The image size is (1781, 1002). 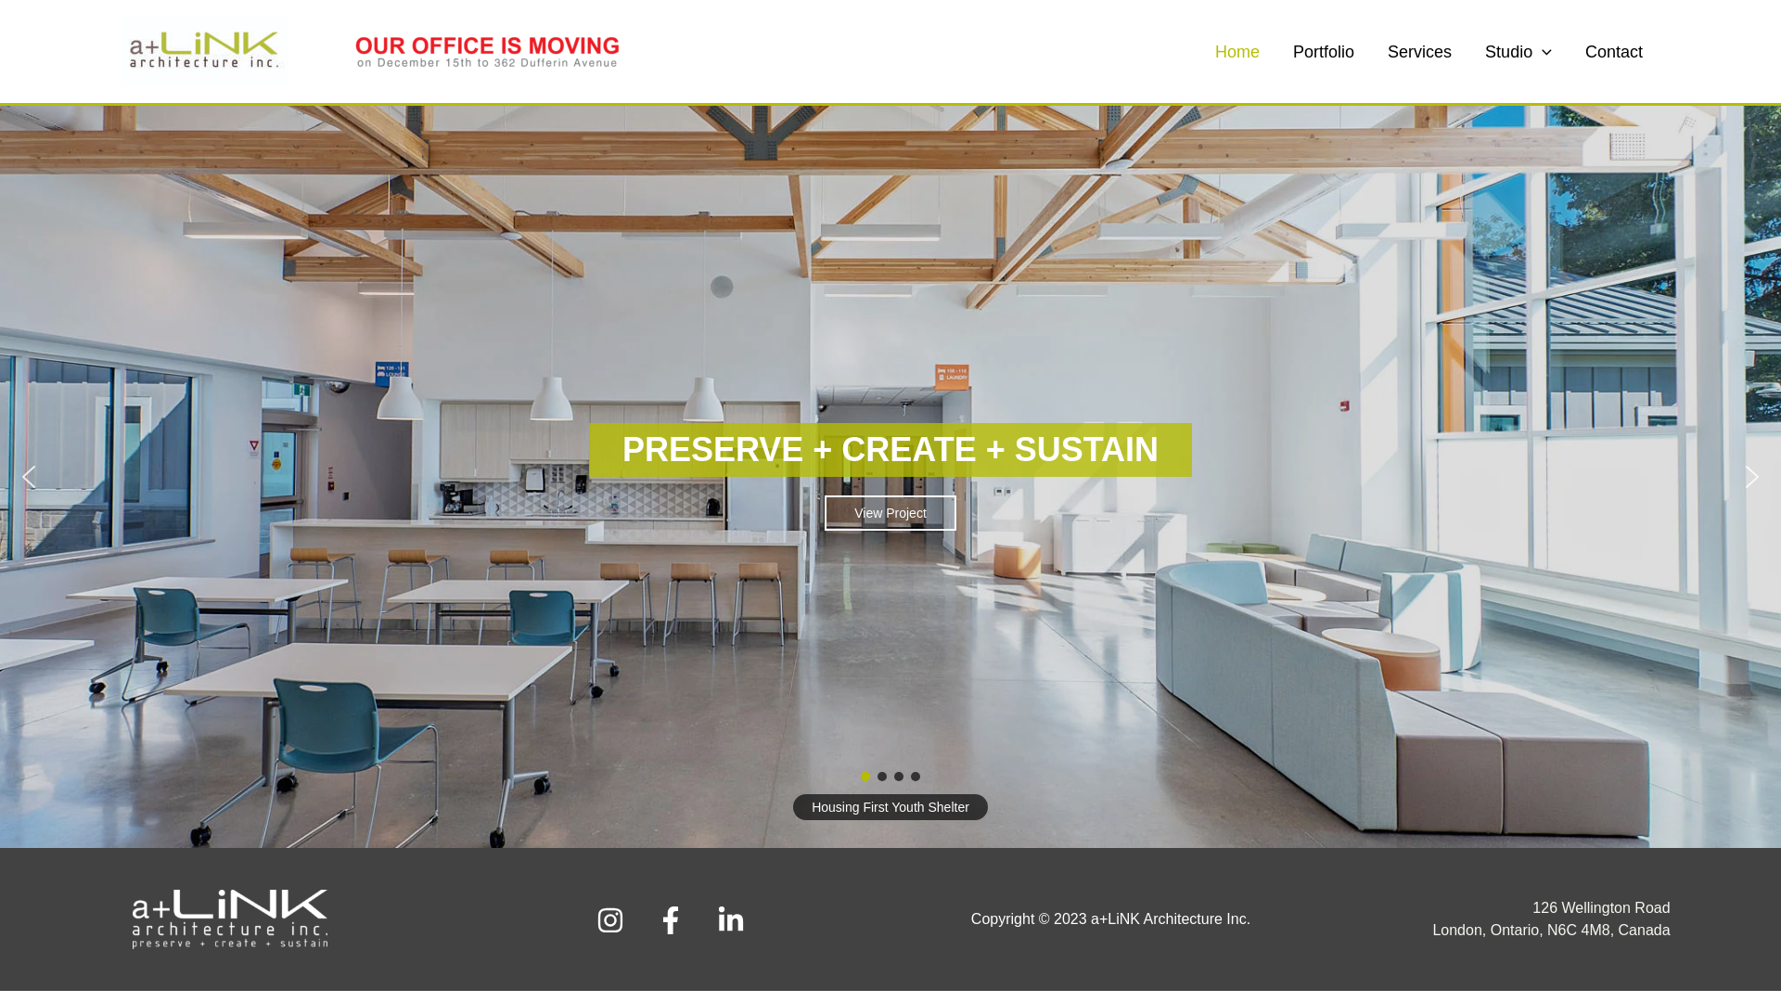 What do you see at coordinates (890, 512) in the screenshot?
I see `'View Project'` at bounding box center [890, 512].